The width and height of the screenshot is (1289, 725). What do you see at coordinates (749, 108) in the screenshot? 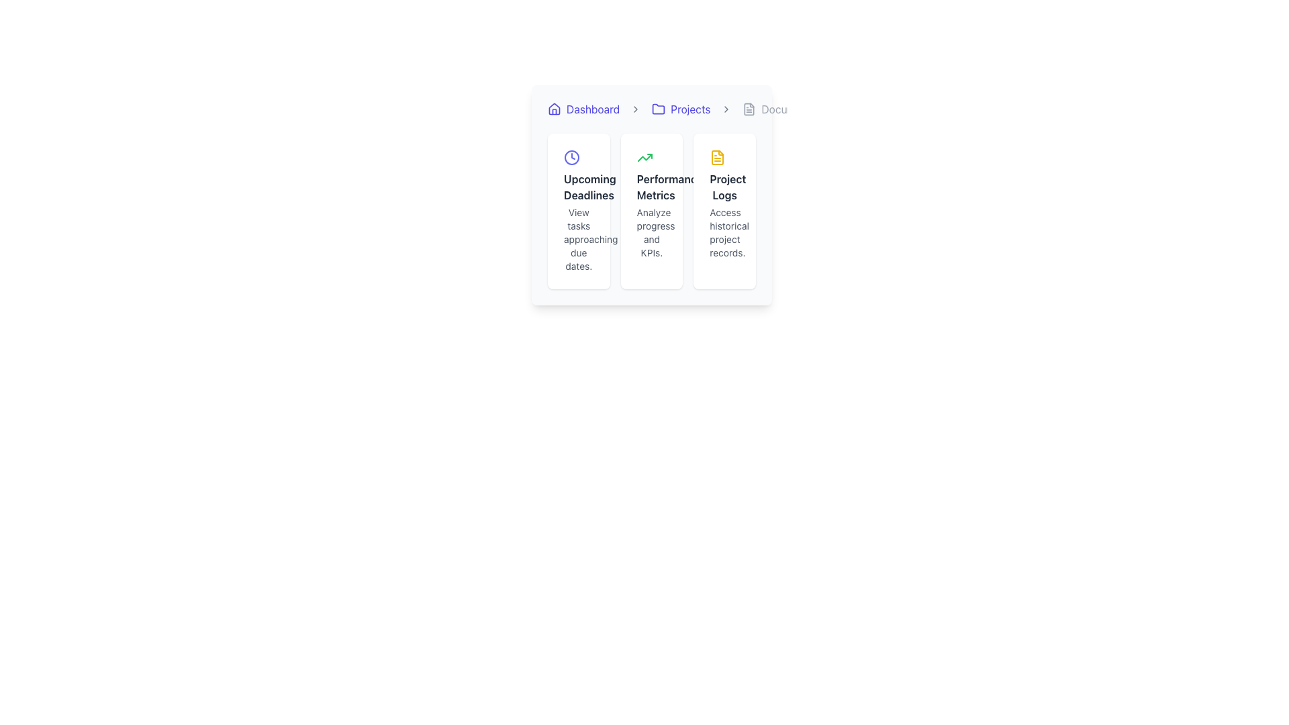
I see `the 'Document' icon in the breadcrumb navigation bar, which is located in the upper-right corner of the interface before the 'Document' text label` at bounding box center [749, 108].